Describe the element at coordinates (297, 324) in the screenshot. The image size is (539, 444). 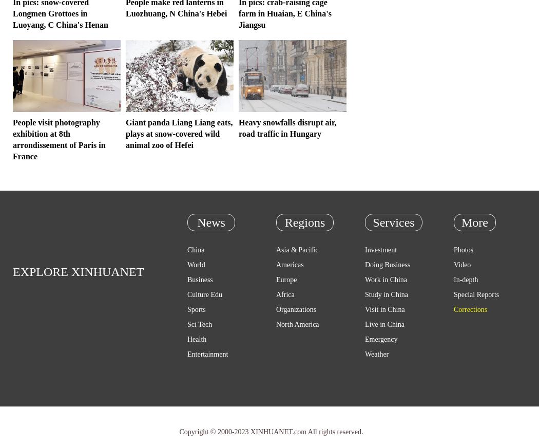
I see `'North America'` at that location.